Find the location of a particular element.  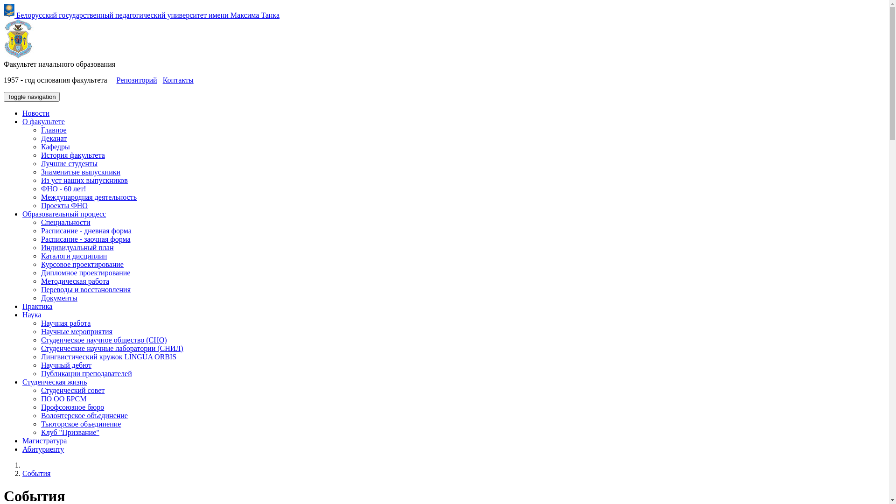

'Toggle navigation' is located at coordinates (4, 97).